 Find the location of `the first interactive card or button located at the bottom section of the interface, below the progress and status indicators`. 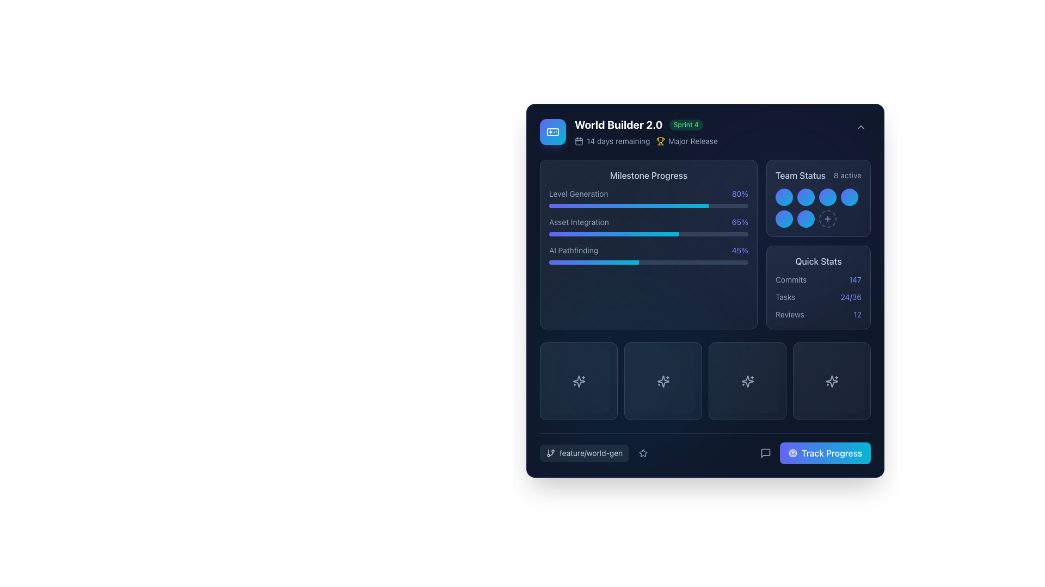

the first interactive card or button located at the bottom section of the interface, below the progress and status indicators is located at coordinates (578, 380).